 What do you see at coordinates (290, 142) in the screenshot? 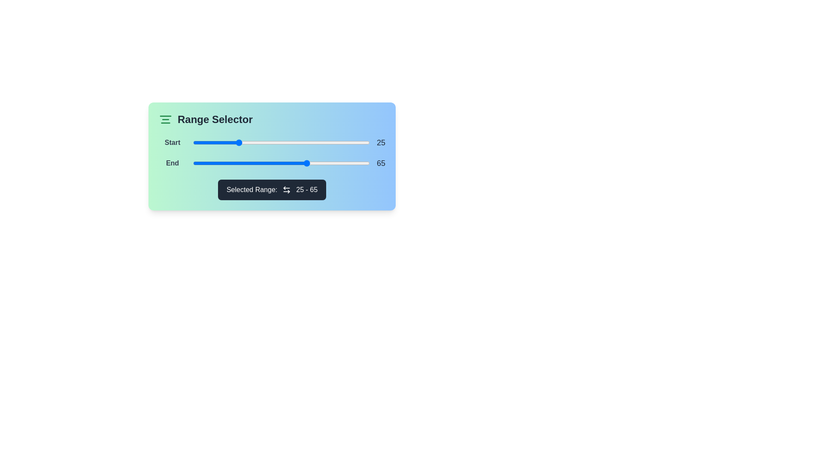
I see `the slider to set the value to 55` at bounding box center [290, 142].